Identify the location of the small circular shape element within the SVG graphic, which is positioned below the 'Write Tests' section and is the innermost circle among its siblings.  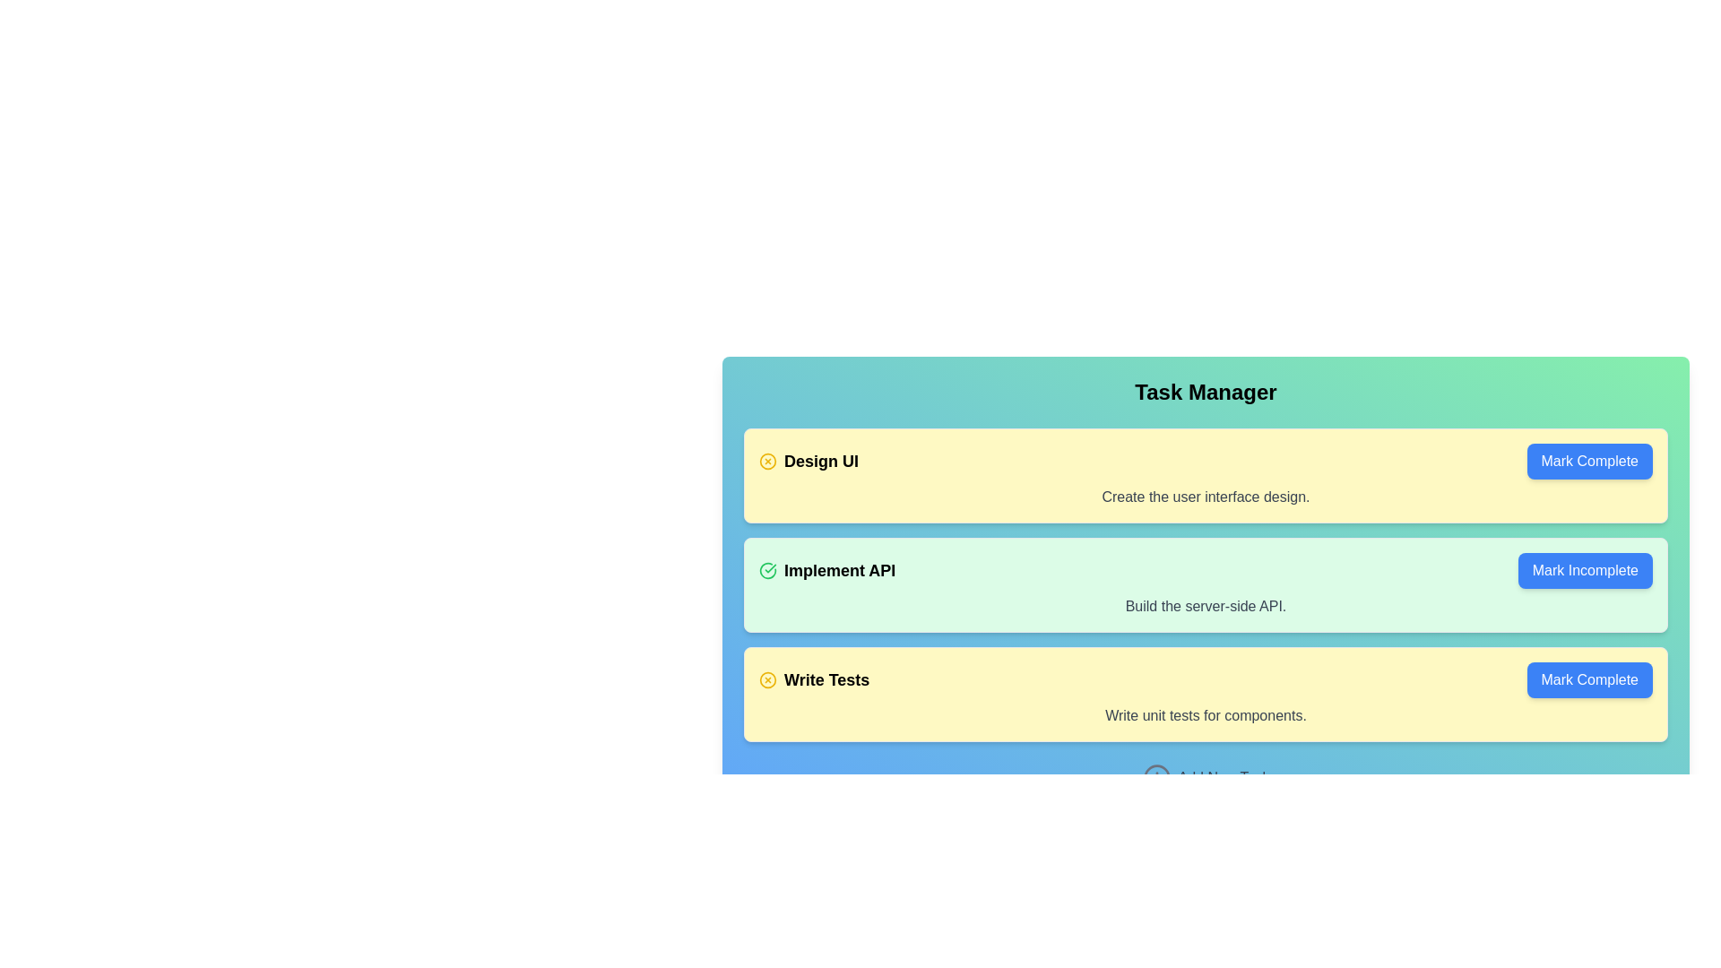
(1156, 776).